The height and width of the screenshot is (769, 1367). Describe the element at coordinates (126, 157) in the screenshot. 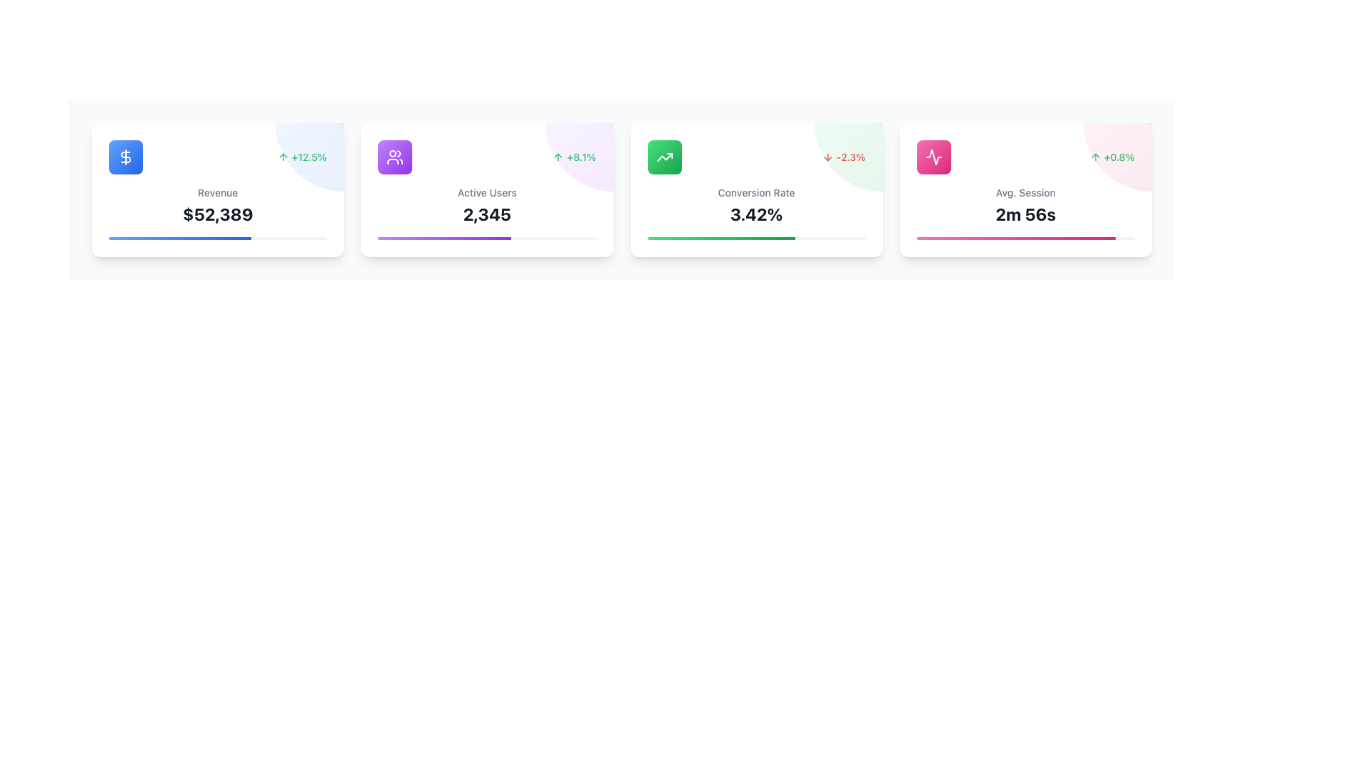

I see `the financial data icon located at the top-left of the 'Revenue' card component` at that location.